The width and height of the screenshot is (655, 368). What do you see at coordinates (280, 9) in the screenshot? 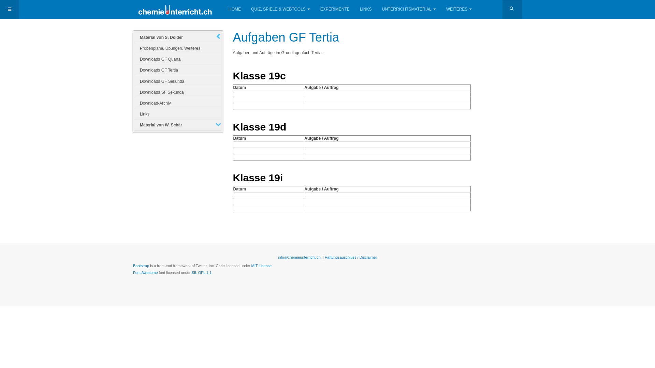
I see `'QUIZ, SPIELE & WEBTOOLS'` at bounding box center [280, 9].